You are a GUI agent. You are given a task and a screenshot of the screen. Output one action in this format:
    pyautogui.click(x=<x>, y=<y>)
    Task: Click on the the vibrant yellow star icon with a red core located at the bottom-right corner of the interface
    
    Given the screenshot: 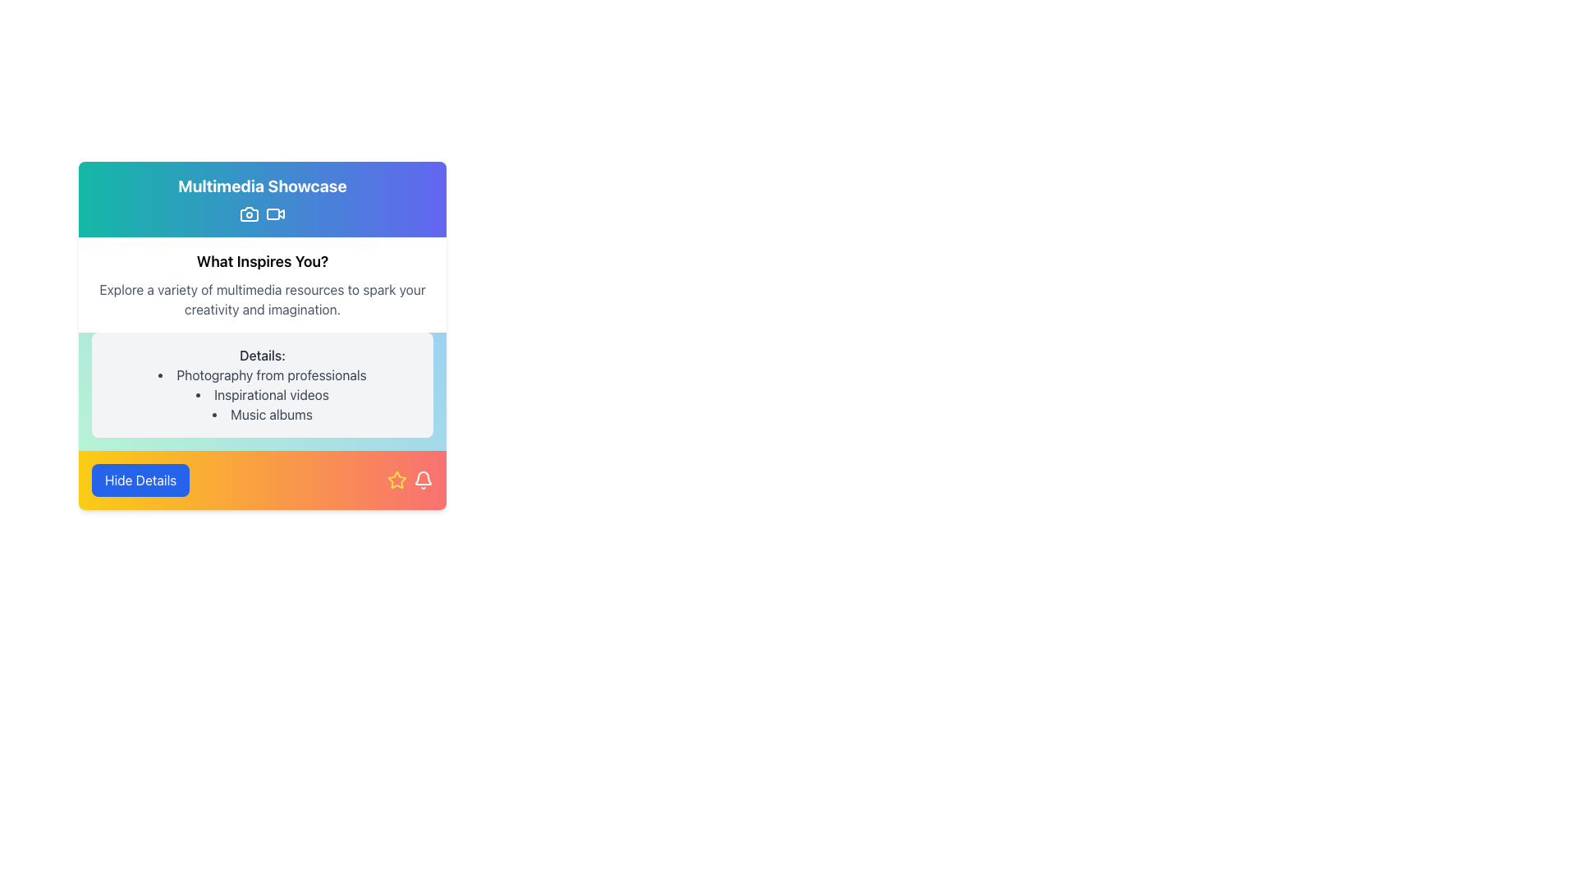 What is the action you would take?
    pyautogui.click(x=397, y=480)
    